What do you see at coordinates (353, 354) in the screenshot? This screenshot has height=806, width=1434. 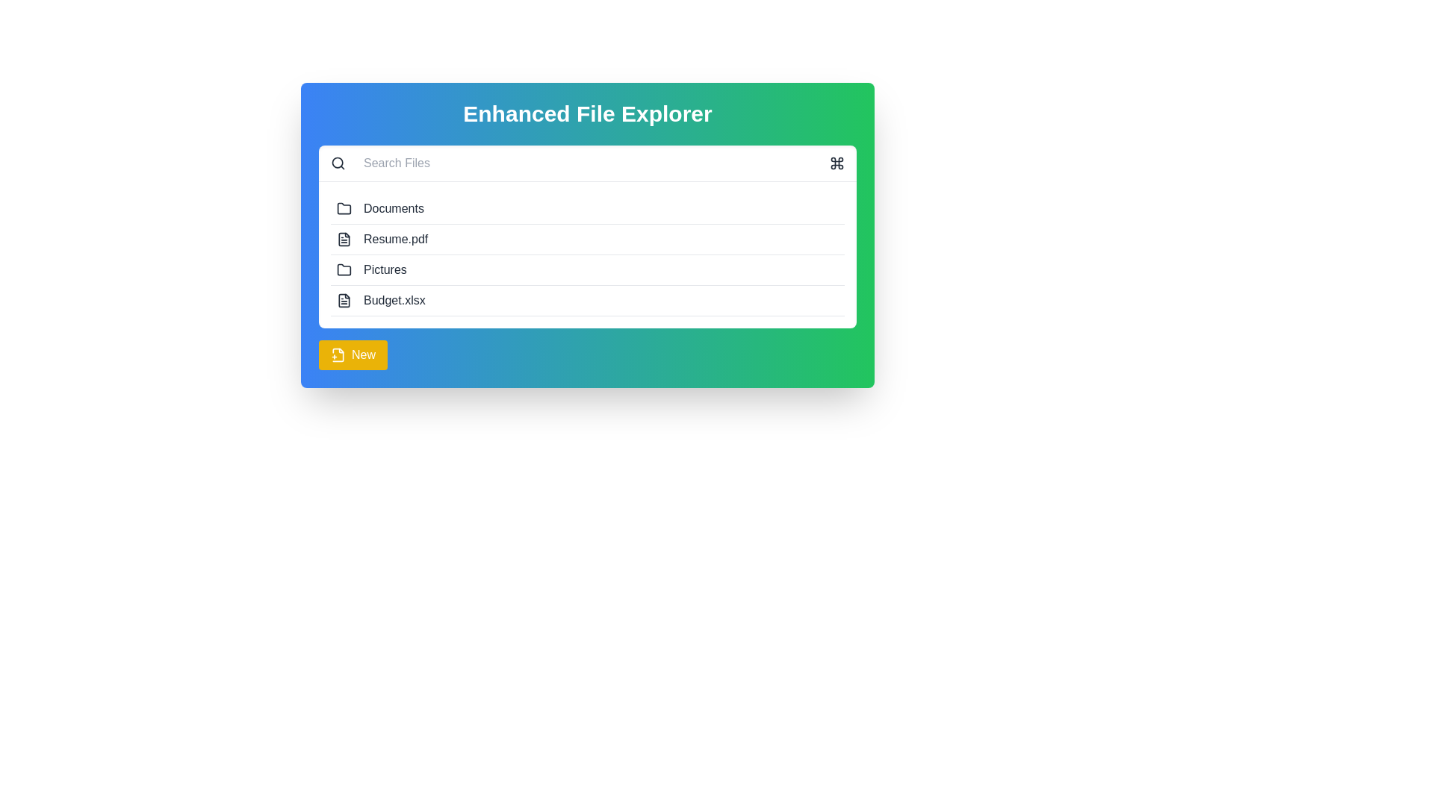 I see `the 'New' button with a yellow background and a file icon to create a new file` at bounding box center [353, 354].